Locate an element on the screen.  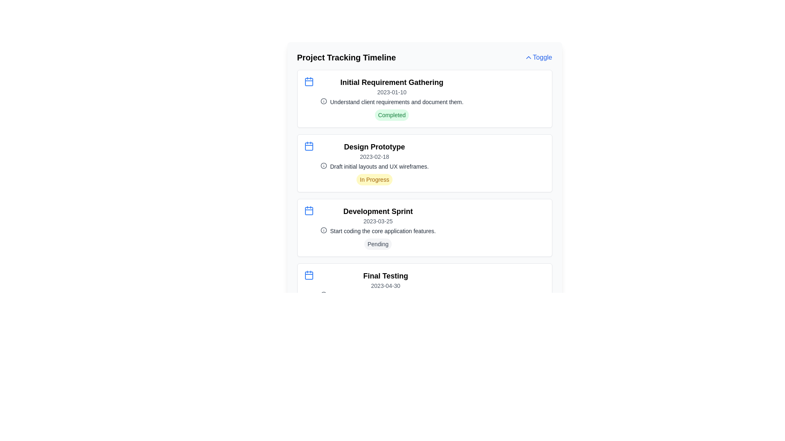
the decorative rectangle that is part of the calendar icon within the 'Development Sprint' card in the timeline list is located at coordinates (308, 210).